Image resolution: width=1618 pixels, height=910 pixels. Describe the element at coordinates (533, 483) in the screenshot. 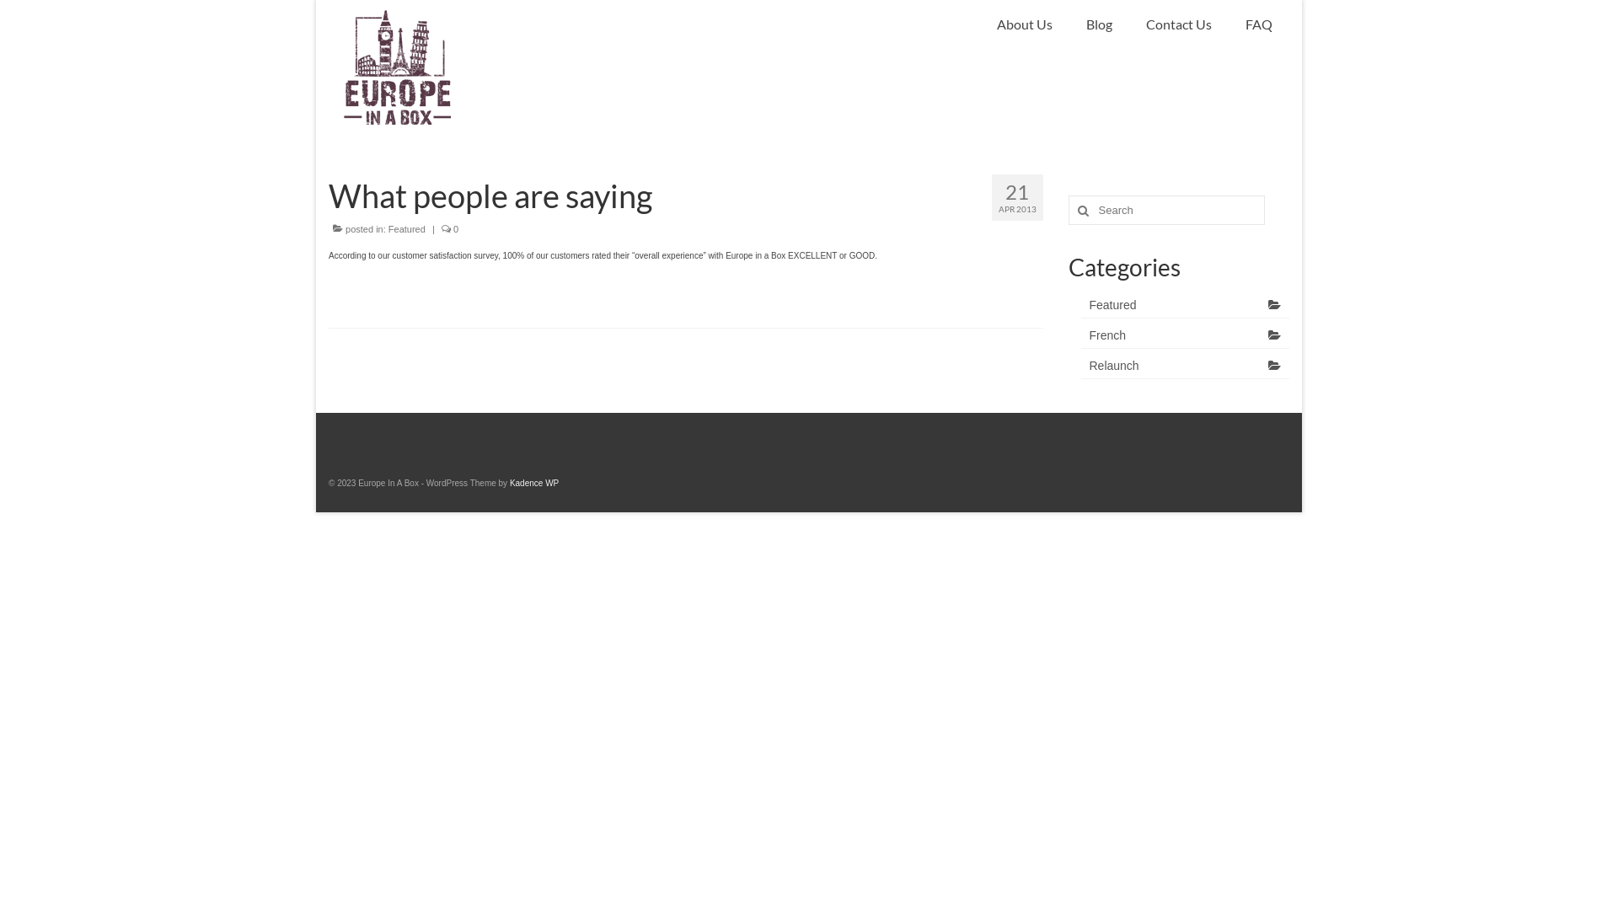

I see `'Kadence WP'` at that location.